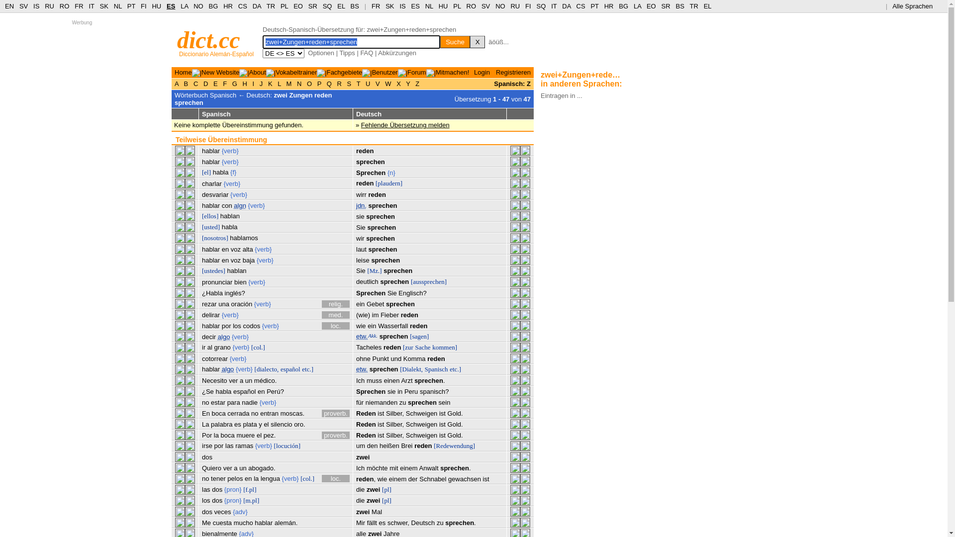  Describe the element at coordinates (270, 83) in the screenshot. I see `'K'` at that location.